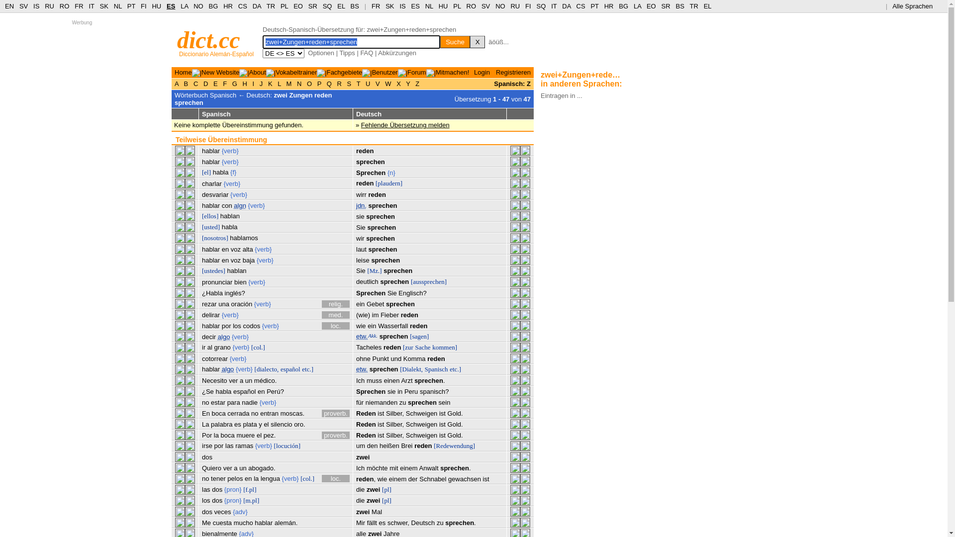  Describe the element at coordinates (270, 83) in the screenshot. I see `'K'` at that location.